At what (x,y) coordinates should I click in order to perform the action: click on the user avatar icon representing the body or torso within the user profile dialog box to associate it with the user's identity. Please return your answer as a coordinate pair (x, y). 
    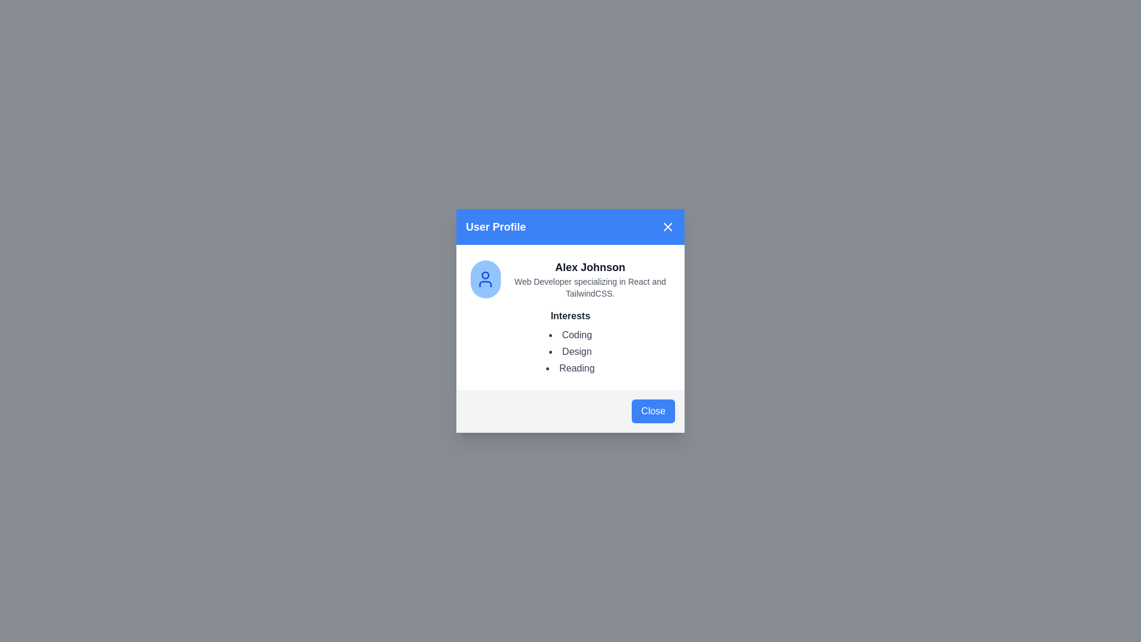
    Looking at the image, I should click on (486, 284).